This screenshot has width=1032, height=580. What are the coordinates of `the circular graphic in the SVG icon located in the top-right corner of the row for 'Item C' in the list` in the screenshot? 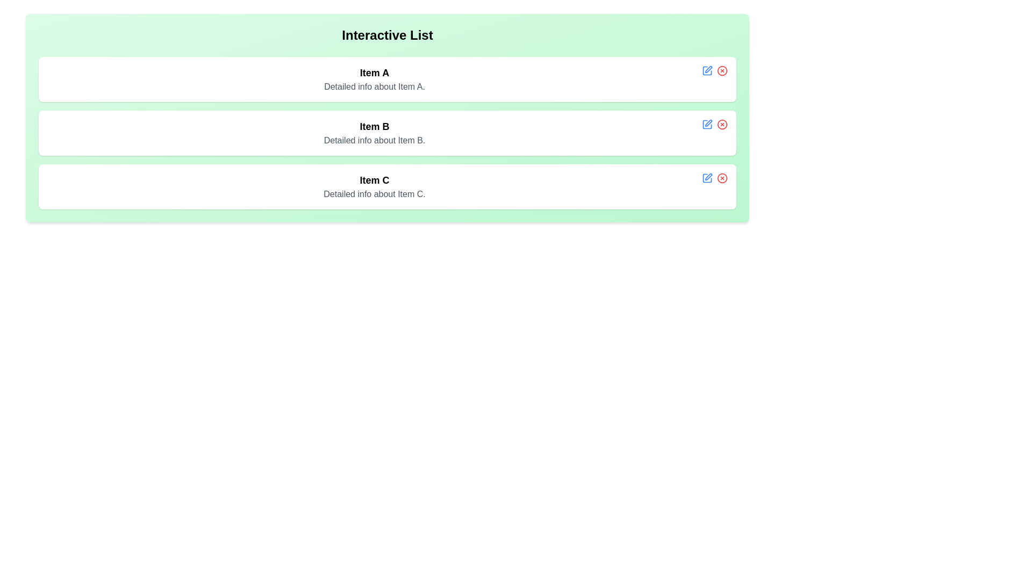 It's located at (722, 177).